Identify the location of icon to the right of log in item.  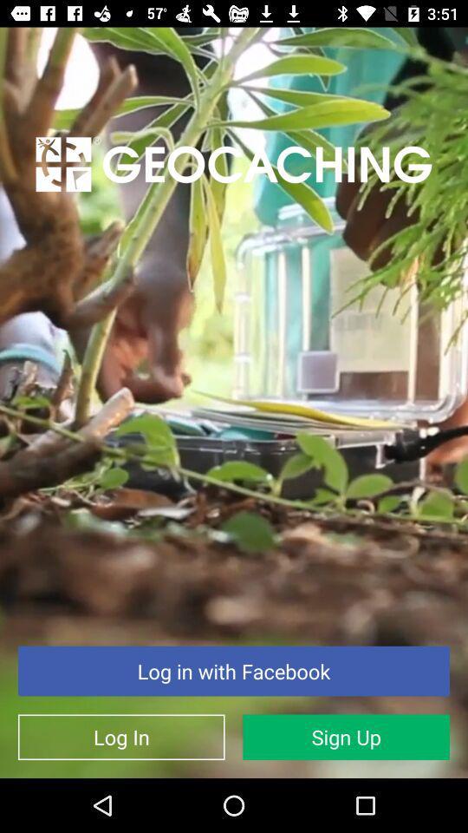
(346, 736).